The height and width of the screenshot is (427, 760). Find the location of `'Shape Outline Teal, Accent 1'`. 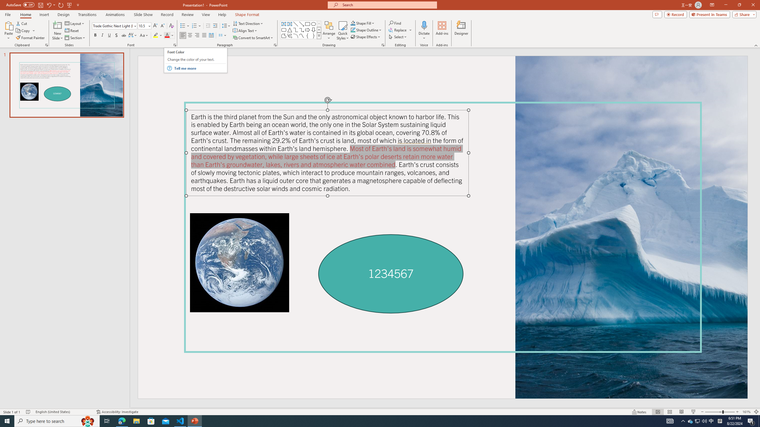

'Shape Outline Teal, Accent 1' is located at coordinates (353, 29).